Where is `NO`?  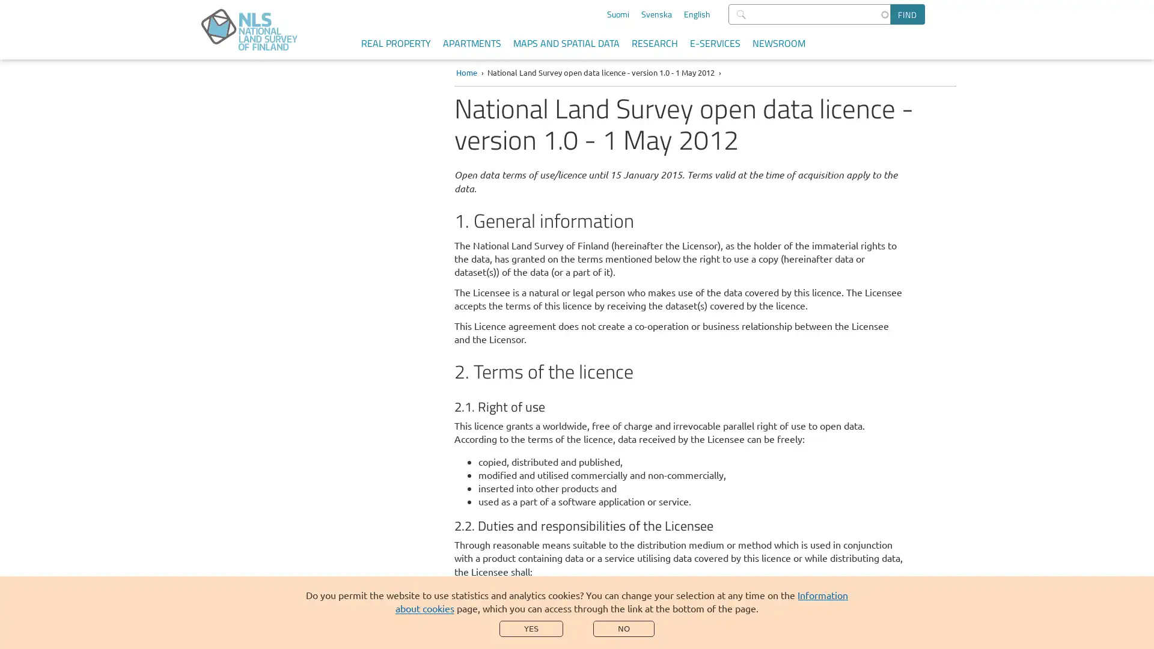
NO is located at coordinates (623, 628).